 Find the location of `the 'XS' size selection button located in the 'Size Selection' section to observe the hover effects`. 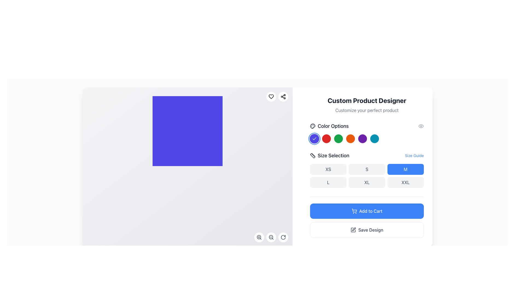

the 'XS' size selection button located in the 'Size Selection' section to observe the hover effects is located at coordinates (328, 169).